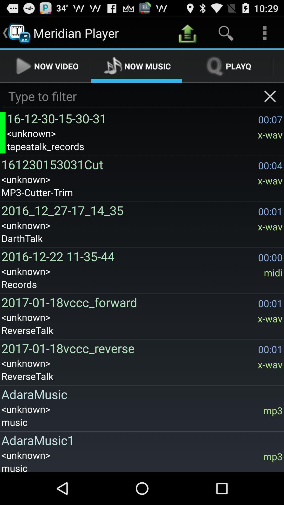 This screenshot has height=505, width=284. Describe the element at coordinates (142, 238) in the screenshot. I see `the item above the 2016 12 22 app` at that location.